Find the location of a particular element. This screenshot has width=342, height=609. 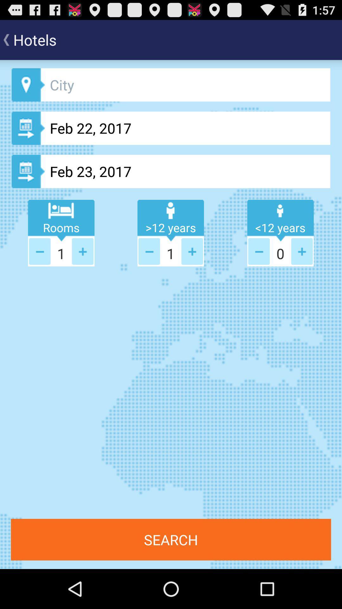

increase the age of guest is located at coordinates (301, 251).